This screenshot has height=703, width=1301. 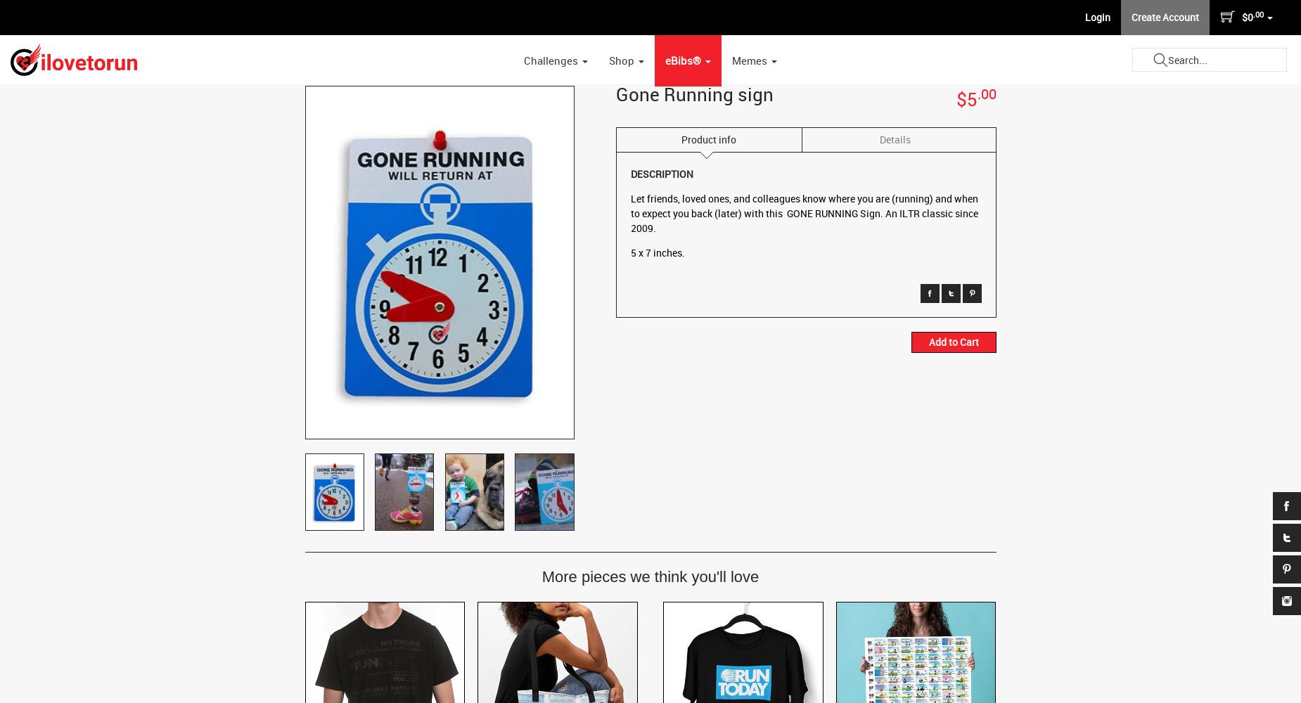 What do you see at coordinates (622, 60) in the screenshot?
I see `'Shop'` at bounding box center [622, 60].